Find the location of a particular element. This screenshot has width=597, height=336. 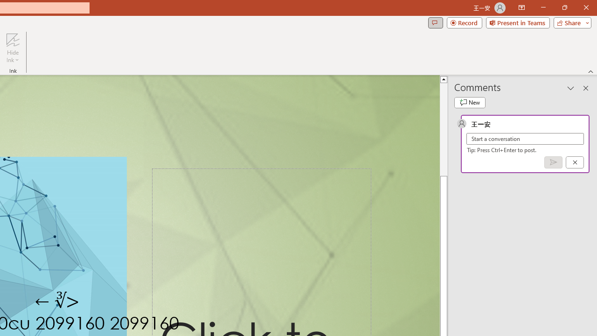

'TextBox 7' is located at coordinates (57, 301).